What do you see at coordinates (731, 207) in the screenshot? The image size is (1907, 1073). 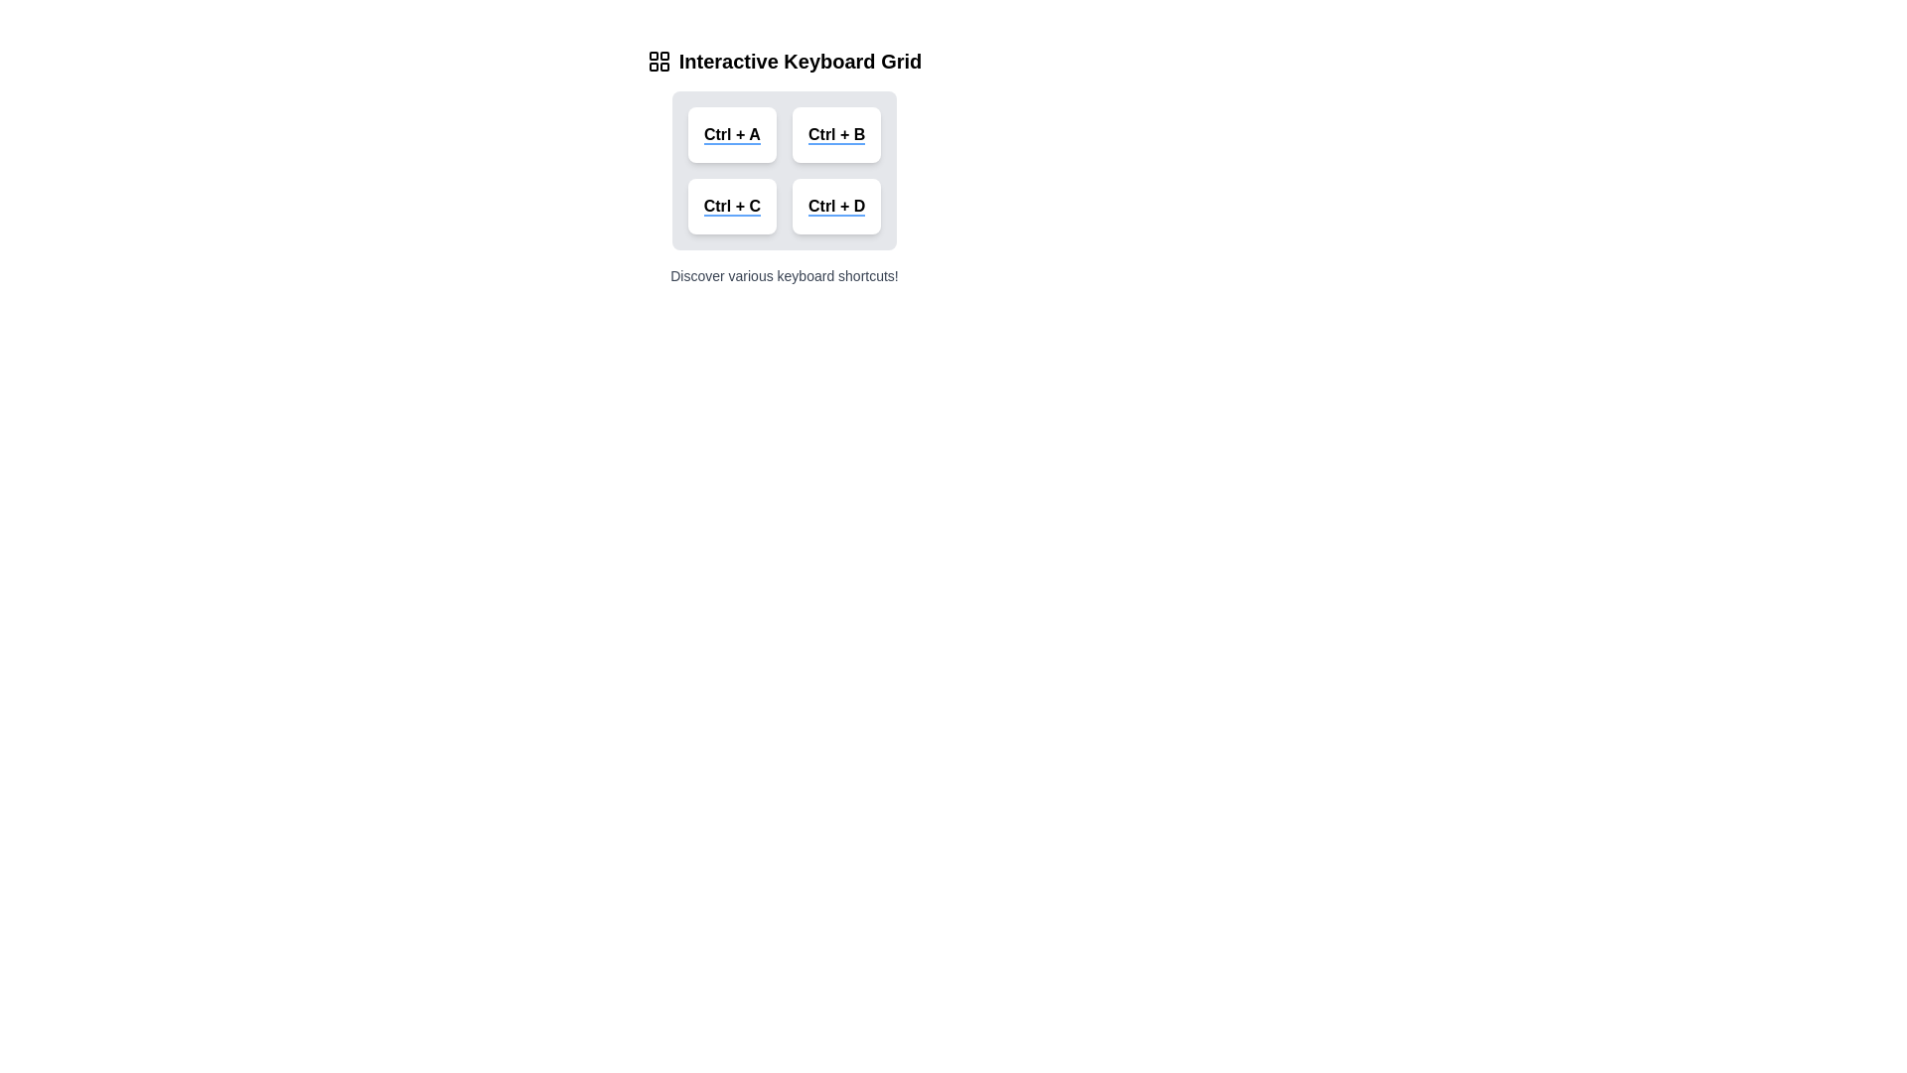 I see `the text label displaying 'Ctrl + C' in a bold font with a blue underline located in the third button of the grid within the 'Interactive Keyboard Grid' panel` at bounding box center [731, 207].